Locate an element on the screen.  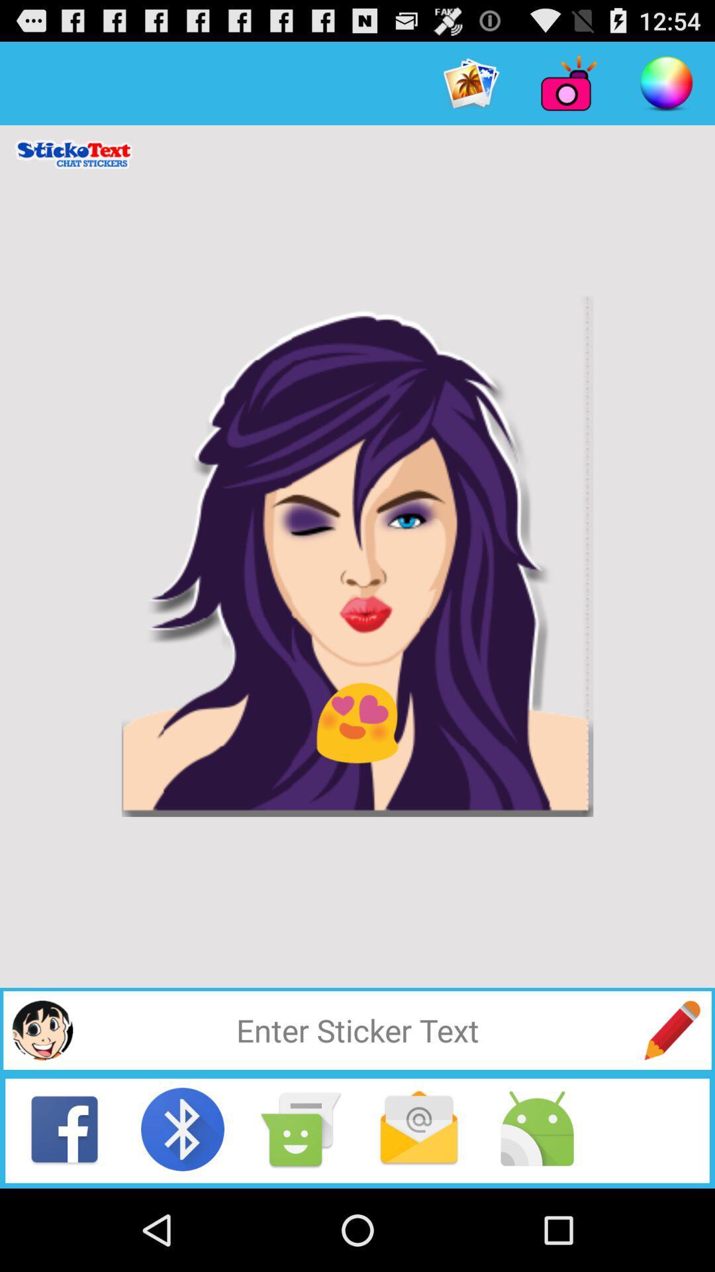
enable bluetooth is located at coordinates (183, 1128).